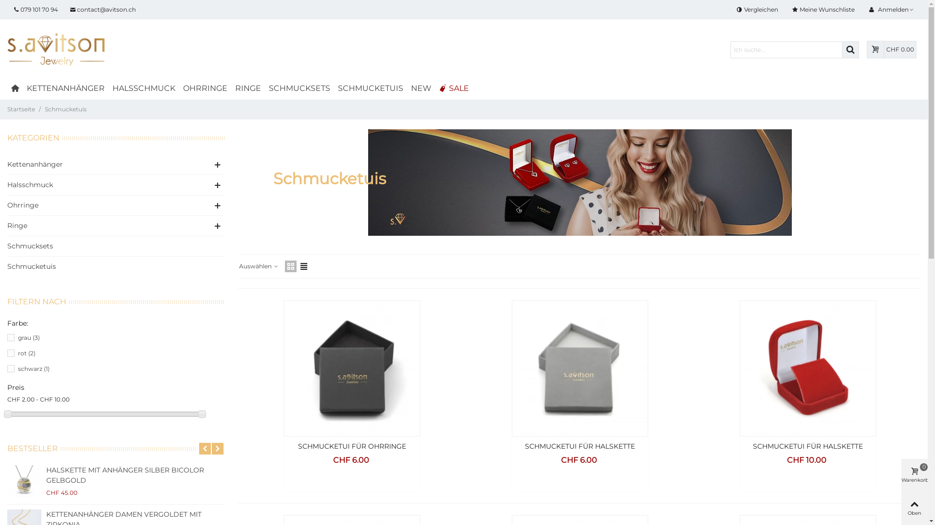  I want to click on 'SALE', so click(453, 88).